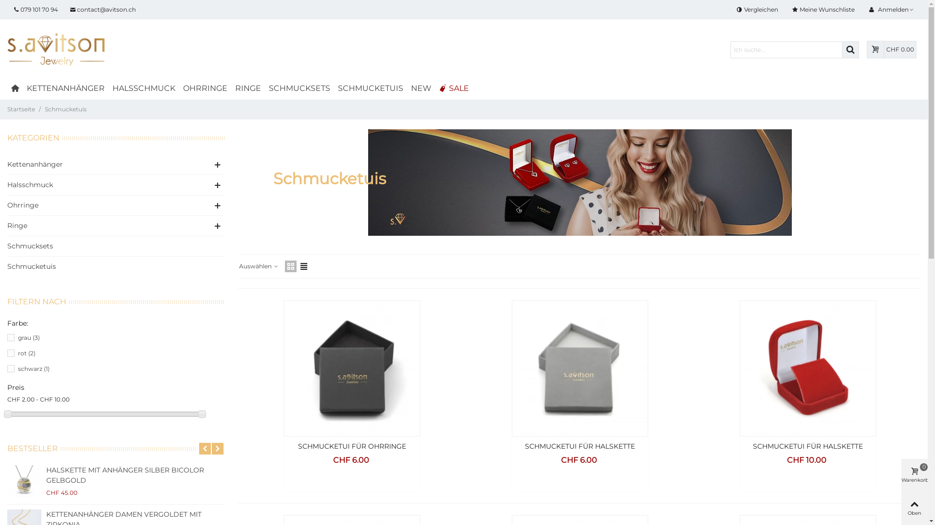  I want to click on 'SALE', so click(453, 88).